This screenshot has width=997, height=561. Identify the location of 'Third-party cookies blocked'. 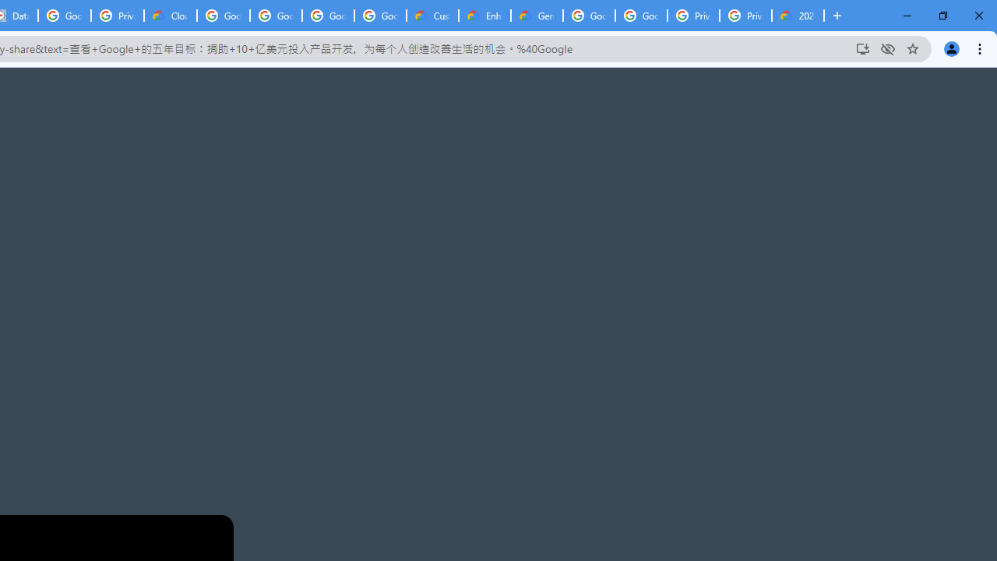
(887, 48).